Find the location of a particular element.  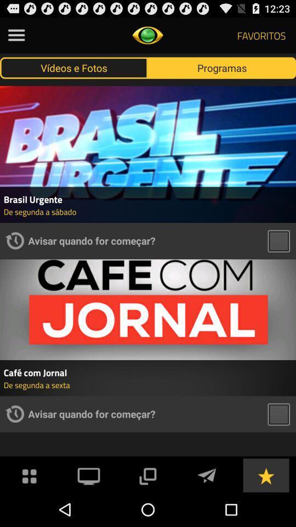

open side menu is located at coordinates (16, 35).